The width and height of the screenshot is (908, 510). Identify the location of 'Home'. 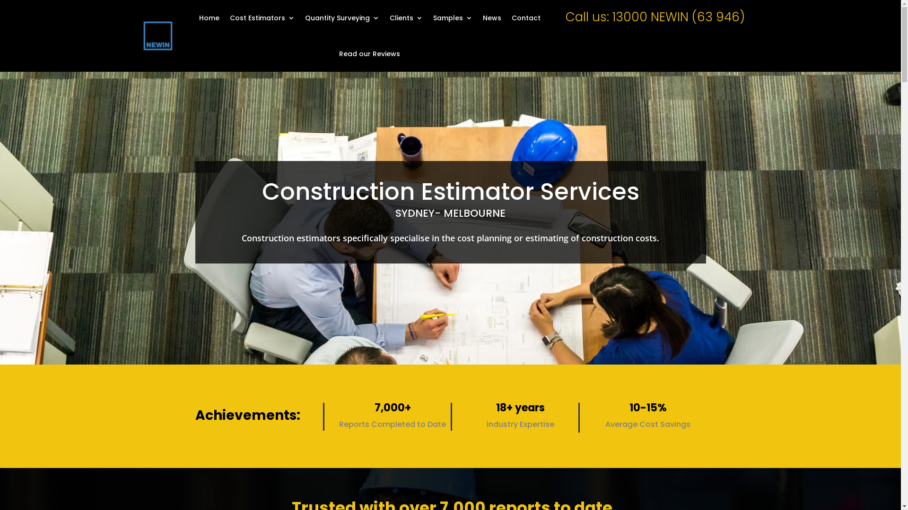
(209, 18).